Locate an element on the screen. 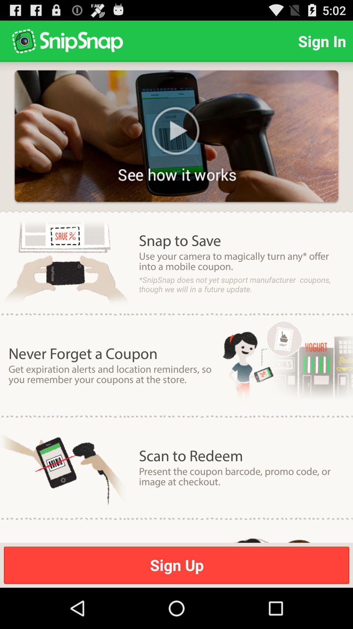 The width and height of the screenshot is (353, 629). the sign in icon is located at coordinates (322, 41).